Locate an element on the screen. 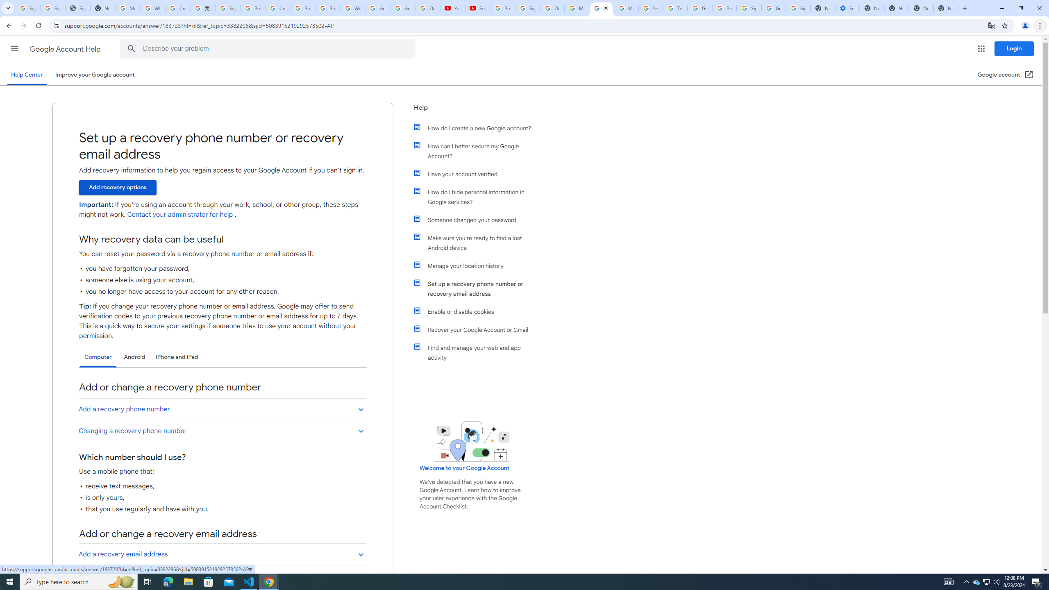  'Trusted Information and Content - Google Safety Center' is located at coordinates (675, 8).